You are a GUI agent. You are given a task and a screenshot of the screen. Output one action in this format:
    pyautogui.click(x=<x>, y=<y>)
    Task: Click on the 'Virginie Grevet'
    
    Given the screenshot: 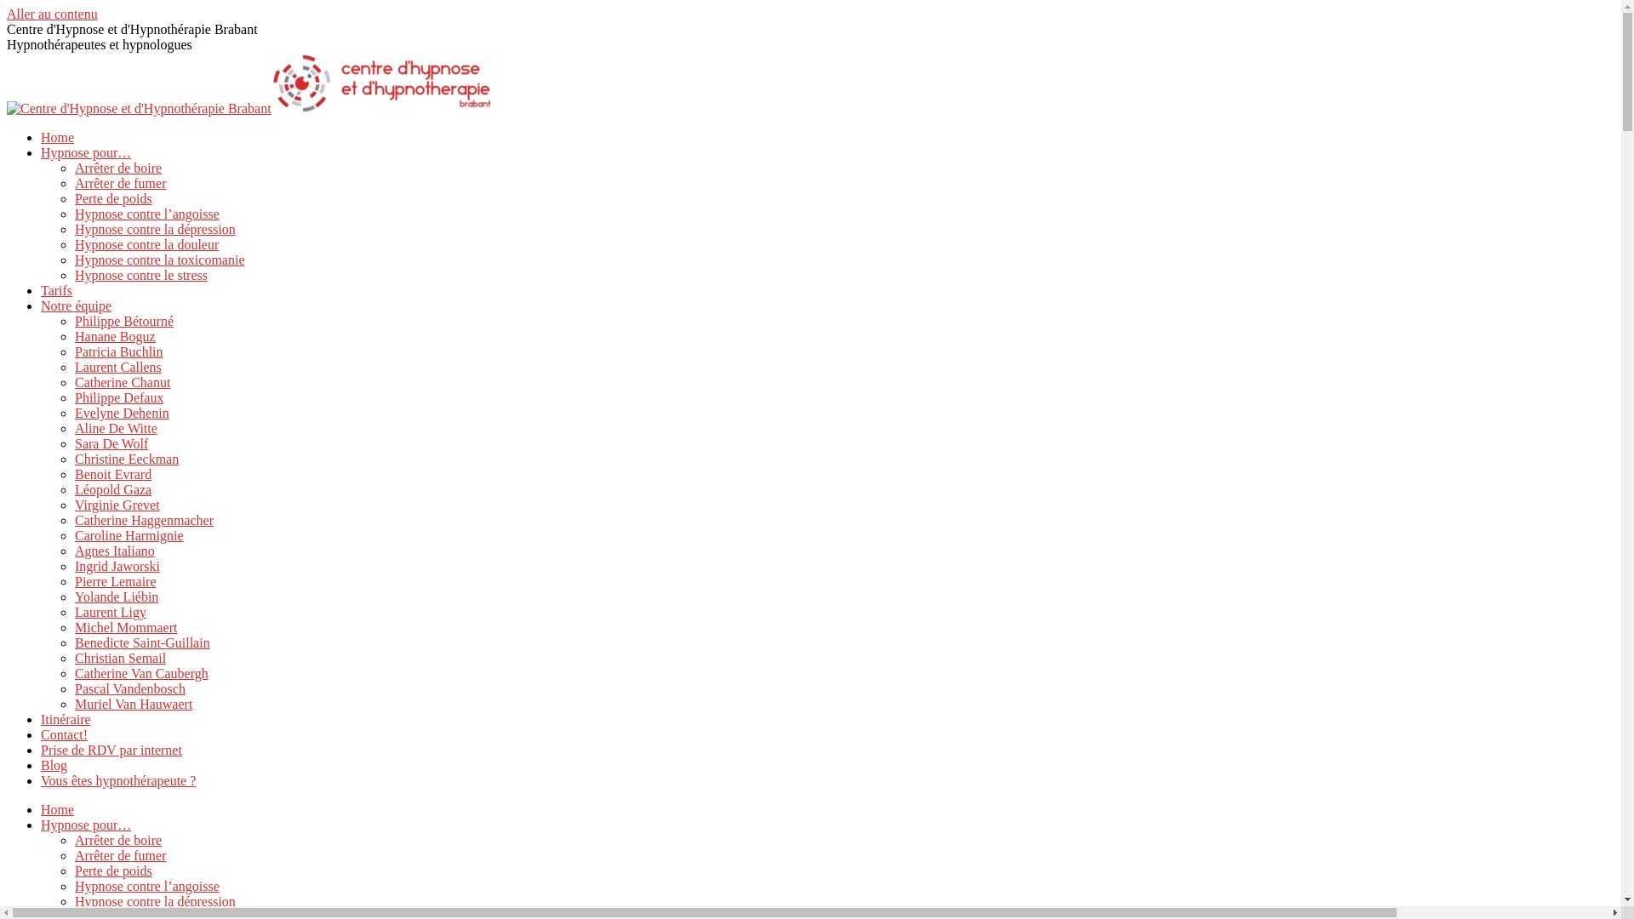 What is the action you would take?
    pyautogui.click(x=117, y=504)
    